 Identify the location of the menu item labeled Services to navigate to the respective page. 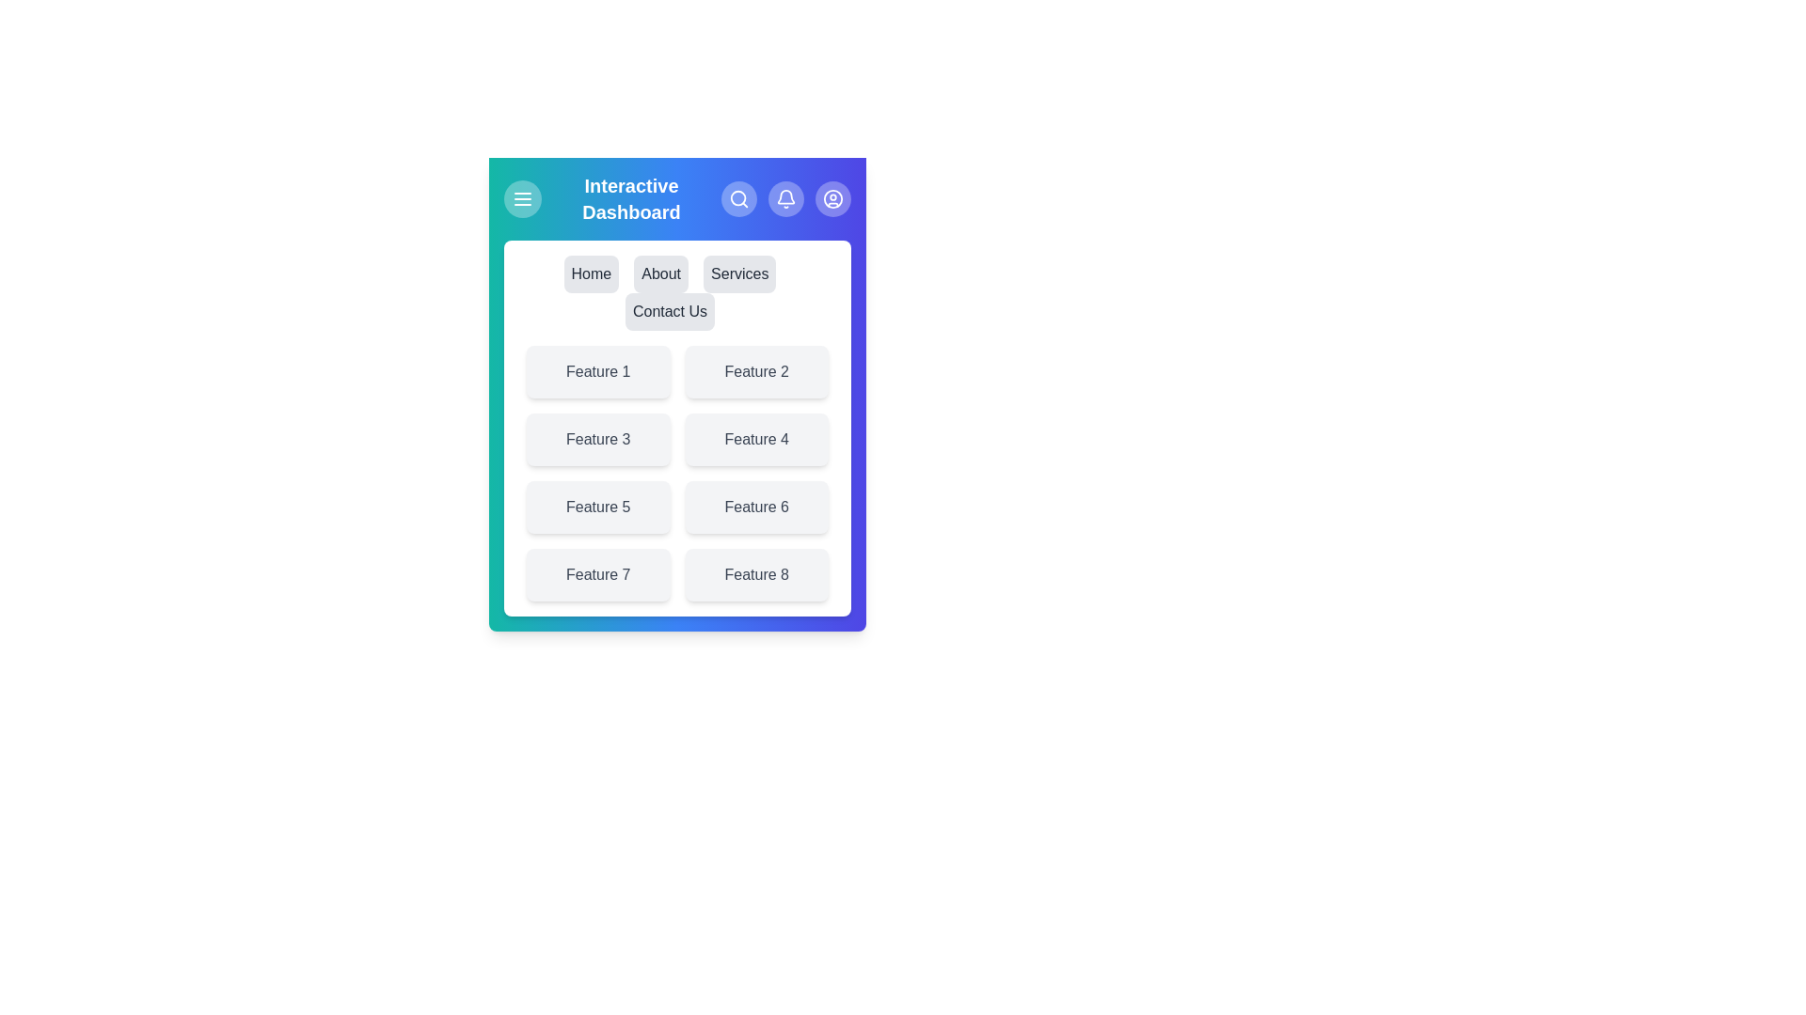
(738, 274).